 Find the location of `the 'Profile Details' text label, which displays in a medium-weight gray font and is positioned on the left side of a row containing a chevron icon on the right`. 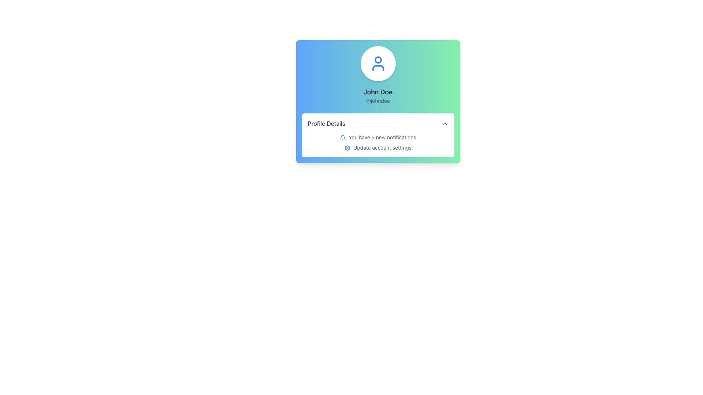

the 'Profile Details' text label, which displays in a medium-weight gray font and is positioned on the left side of a row containing a chevron icon on the right is located at coordinates (326, 123).